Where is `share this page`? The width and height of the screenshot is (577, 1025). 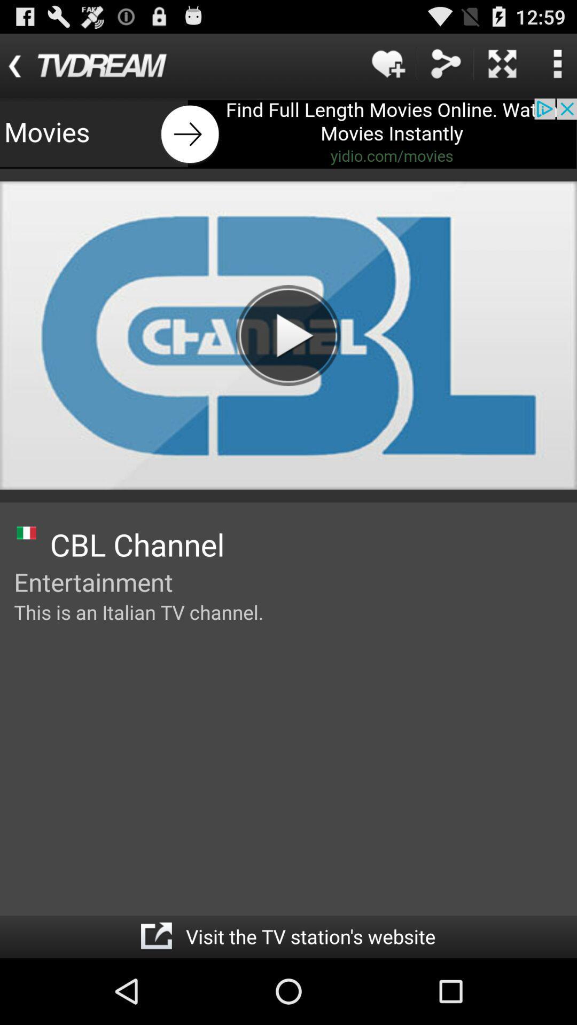
share this page is located at coordinates (445, 63).